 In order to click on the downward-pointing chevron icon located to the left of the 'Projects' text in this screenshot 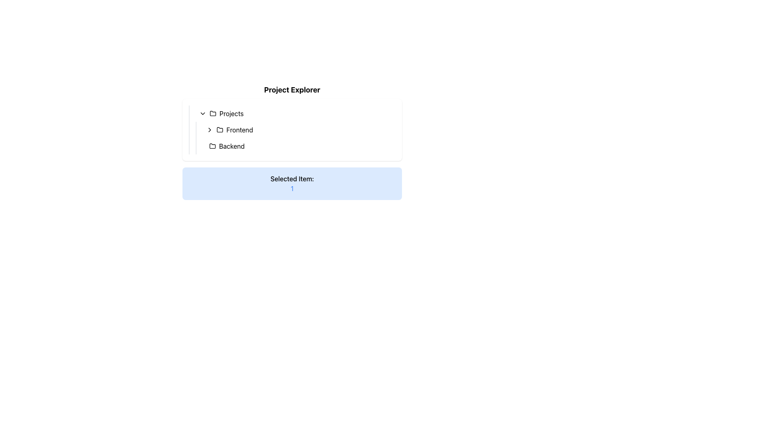, I will do `click(203, 113)`.